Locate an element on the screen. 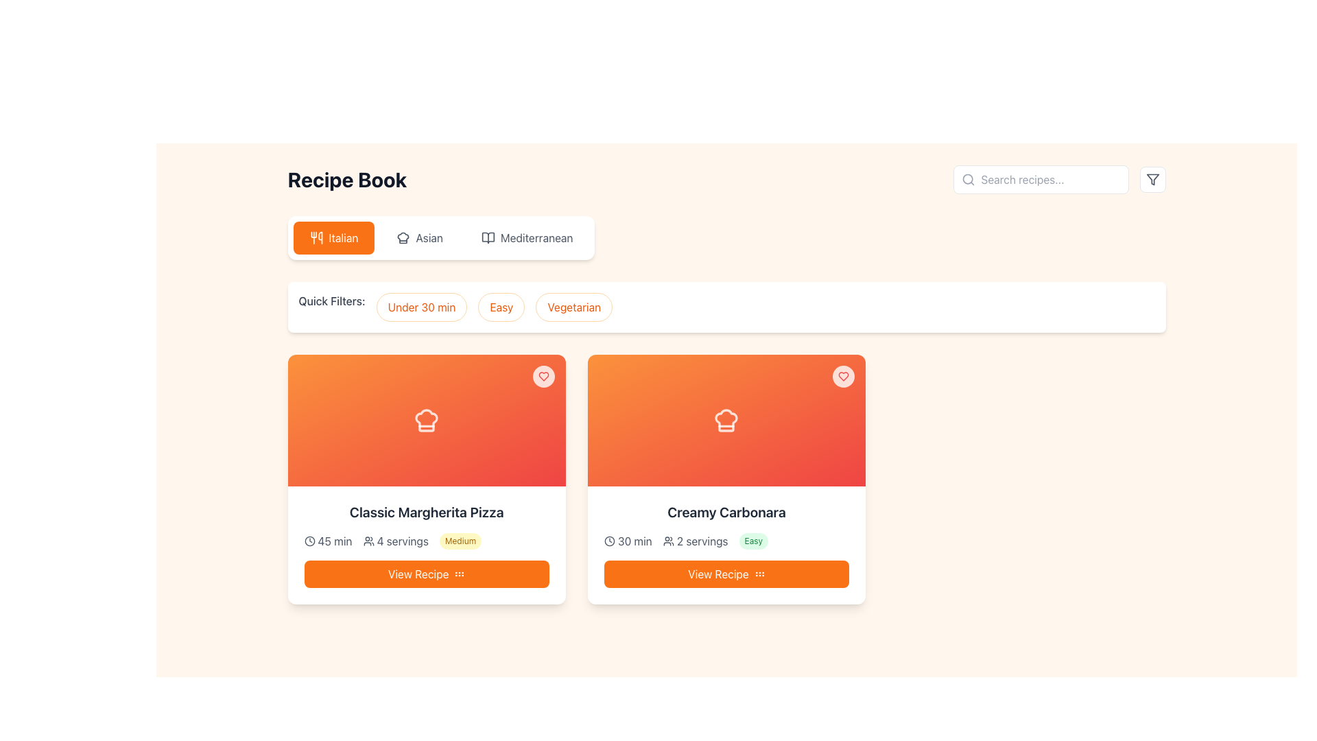 Image resolution: width=1317 pixels, height=741 pixels. the chef's hat icon at the top of the 'Creamy Carbonara' recipe card to initiate an action or navigate is located at coordinates (726, 420).